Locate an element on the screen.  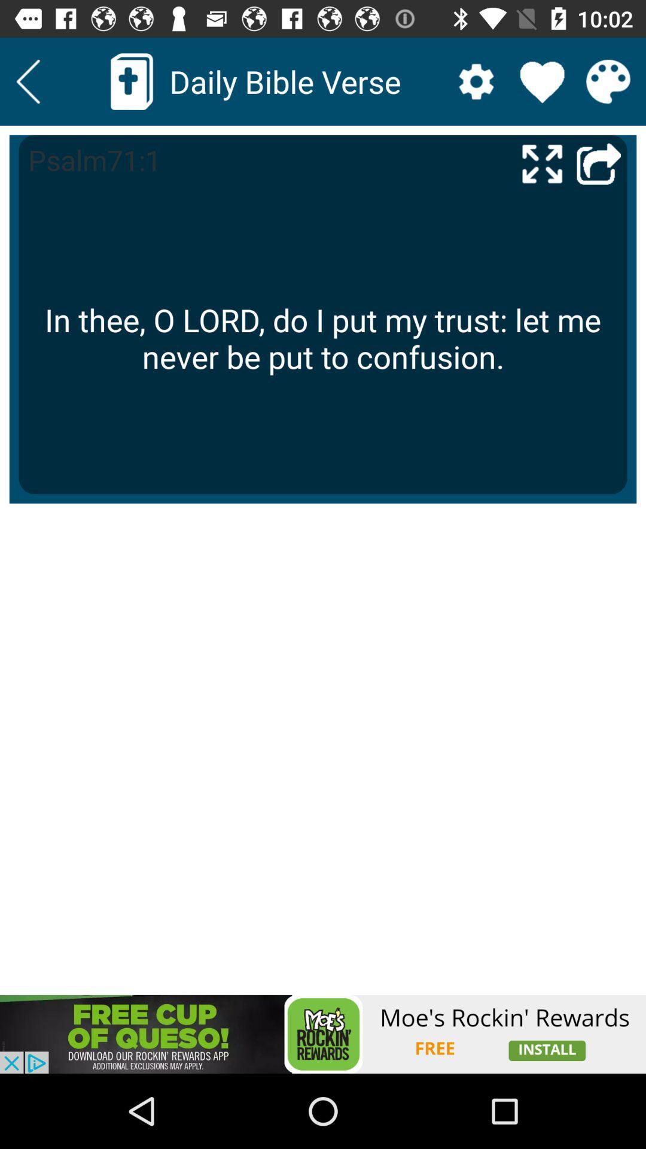
change color is located at coordinates (608, 81).